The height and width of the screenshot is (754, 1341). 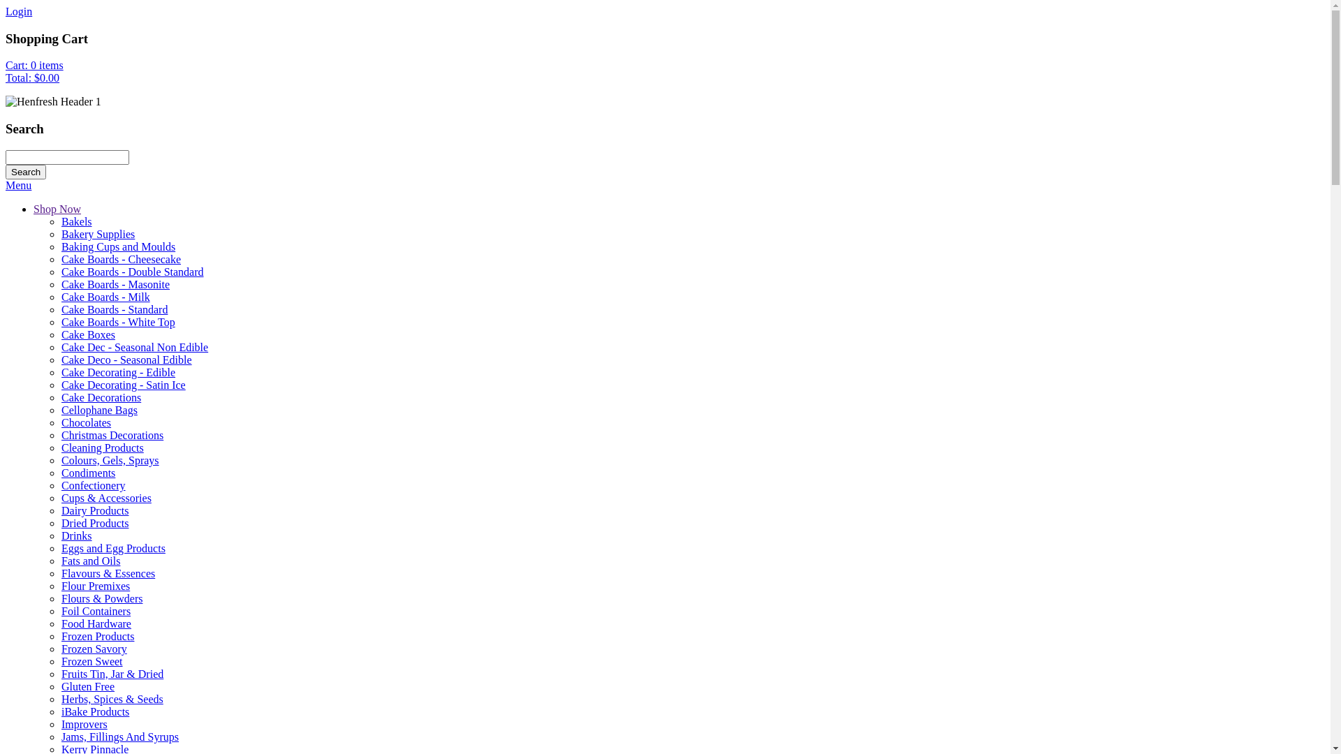 I want to click on 'Flavours & Essences', so click(x=107, y=573).